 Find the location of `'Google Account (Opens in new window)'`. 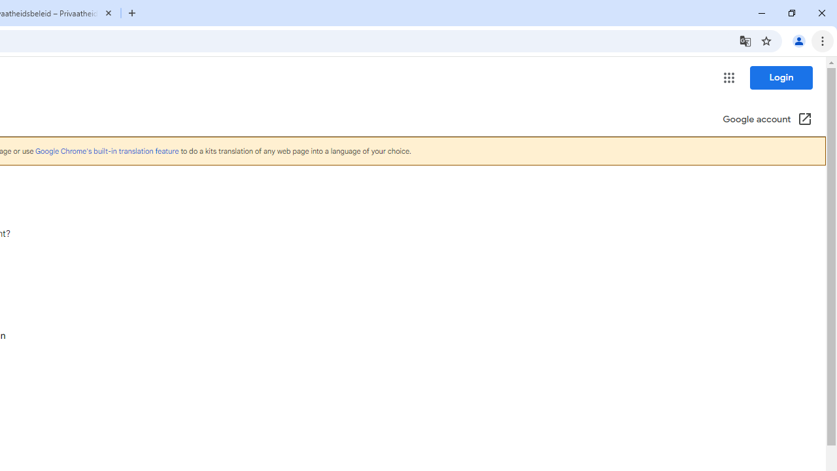

'Google Account (Opens in new window)' is located at coordinates (767, 120).